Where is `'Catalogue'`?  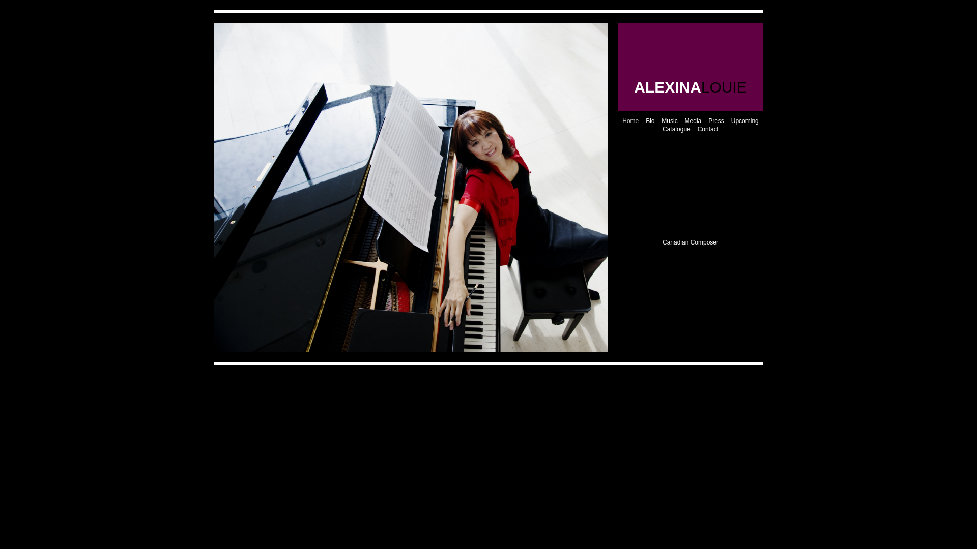 'Catalogue' is located at coordinates (676, 129).